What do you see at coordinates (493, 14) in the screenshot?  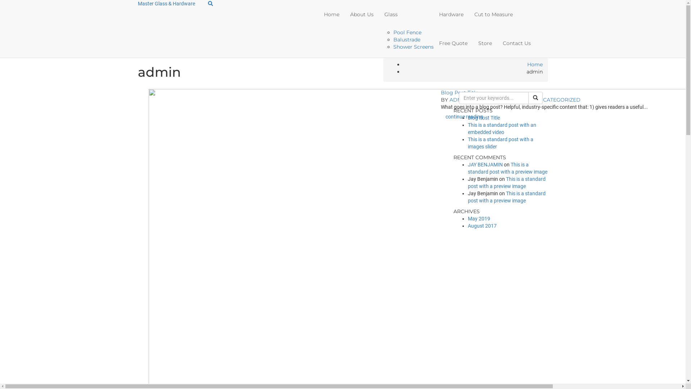 I see `'Cut to Measure'` at bounding box center [493, 14].